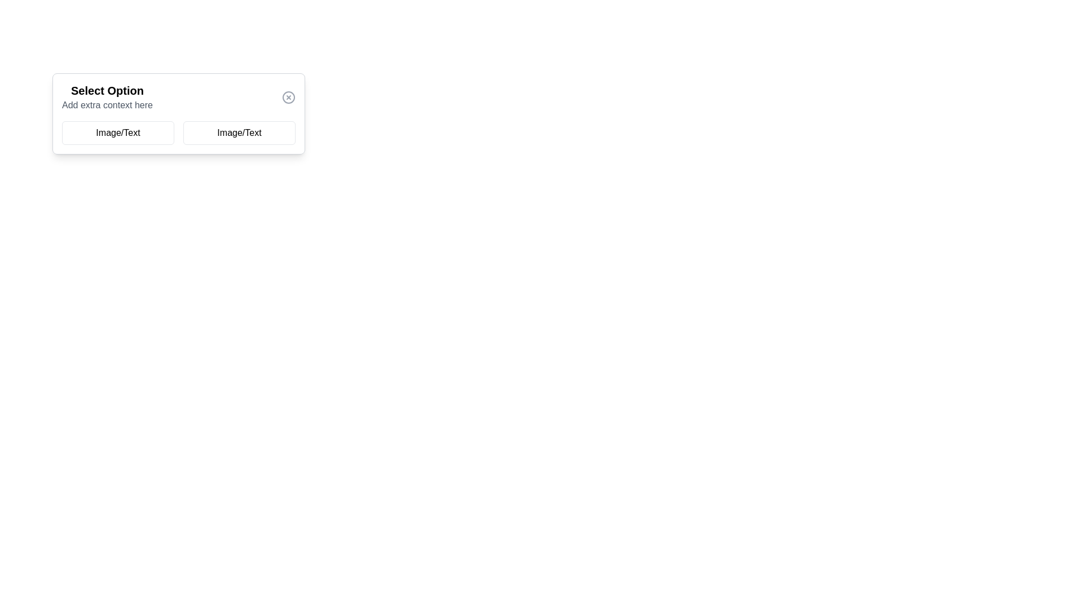 Image resolution: width=1083 pixels, height=609 pixels. What do you see at coordinates (118, 132) in the screenshot?
I see `the leftmost Selectable Option Item, which is a rectangular box with rounded corners displaying 'Image/Text' centered inside it` at bounding box center [118, 132].